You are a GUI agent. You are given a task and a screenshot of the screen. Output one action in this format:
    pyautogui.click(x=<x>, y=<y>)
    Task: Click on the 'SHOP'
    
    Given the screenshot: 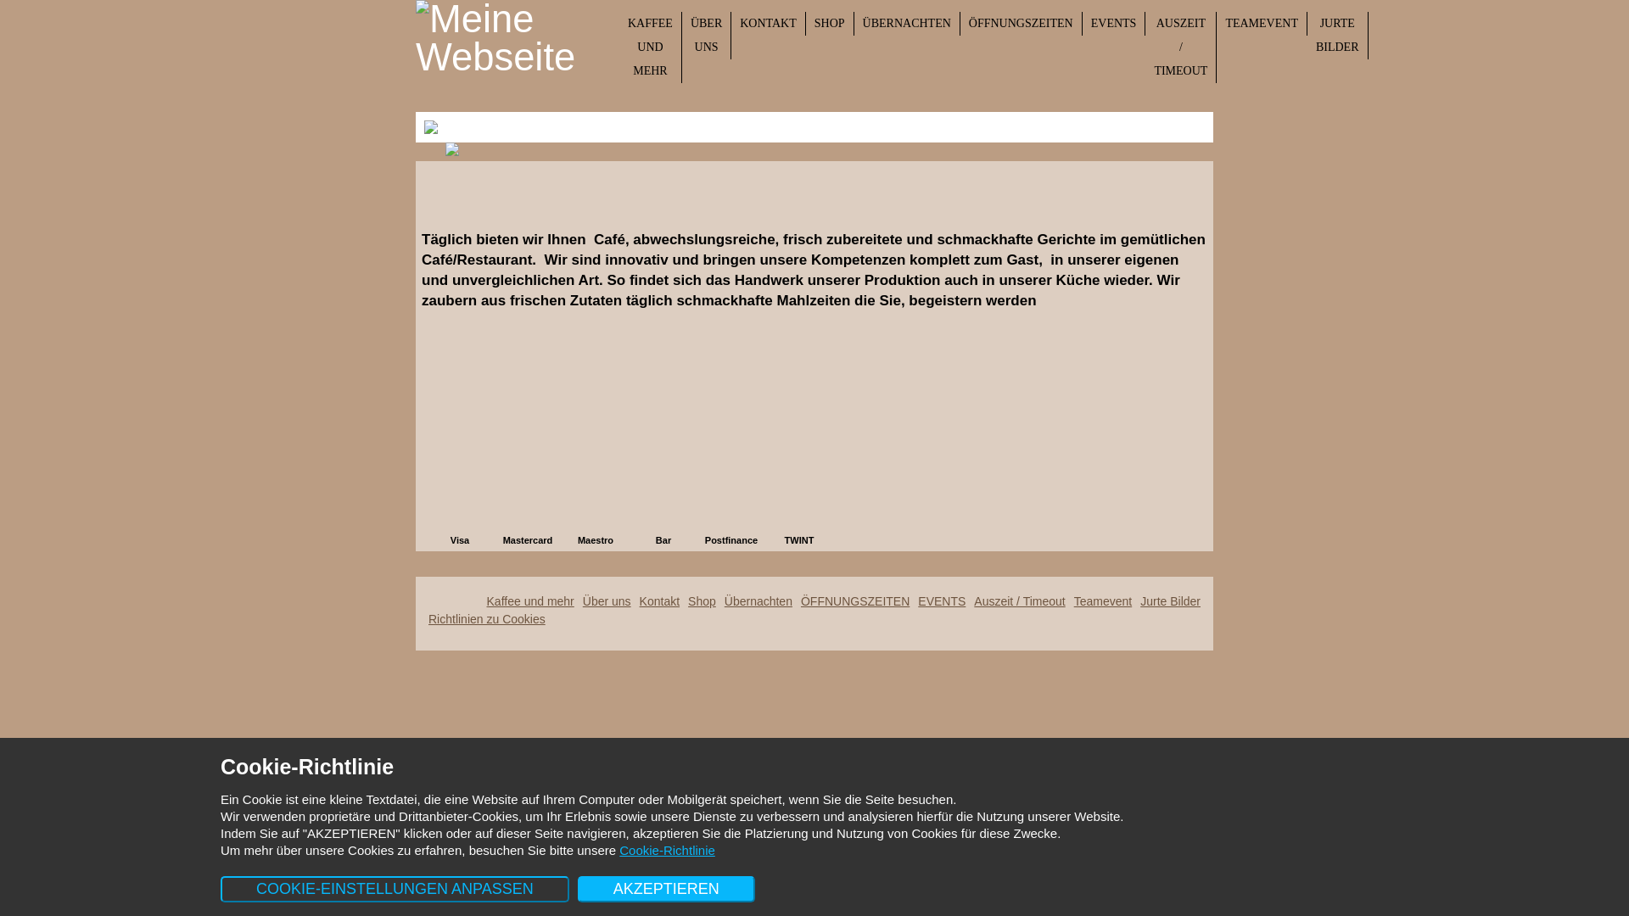 What is the action you would take?
    pyautogui.click(x=830, y=23)
    